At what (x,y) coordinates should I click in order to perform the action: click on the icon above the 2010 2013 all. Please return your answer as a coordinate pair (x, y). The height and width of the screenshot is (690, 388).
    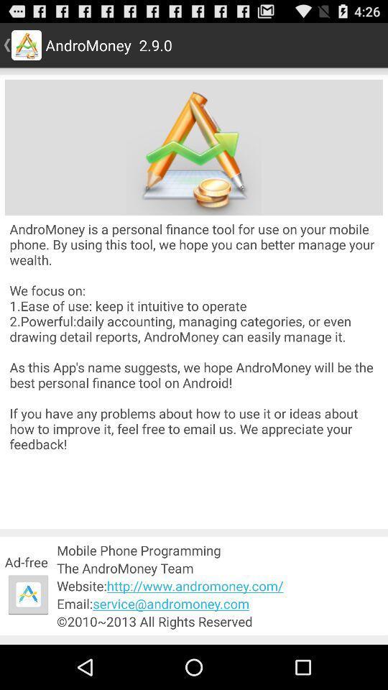
    Looking at the image, I should click on (220, 604).